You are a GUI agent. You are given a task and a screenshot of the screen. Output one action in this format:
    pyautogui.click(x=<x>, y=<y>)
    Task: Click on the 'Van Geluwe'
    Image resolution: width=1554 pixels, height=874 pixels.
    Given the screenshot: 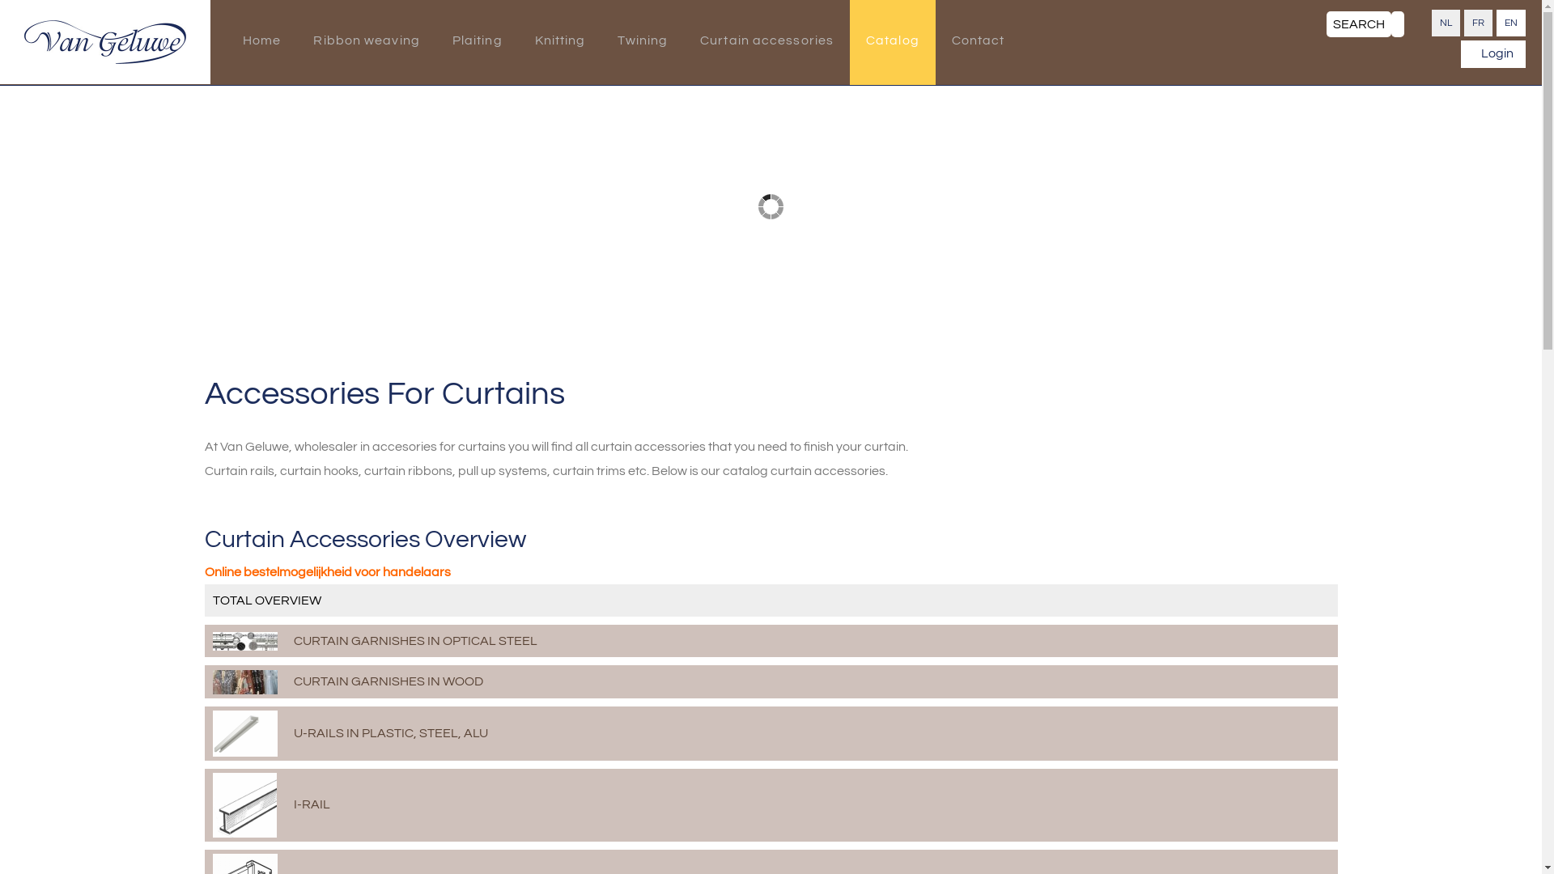 What is the action you would take?
    pyautogui.click(x=23, y=40)
    